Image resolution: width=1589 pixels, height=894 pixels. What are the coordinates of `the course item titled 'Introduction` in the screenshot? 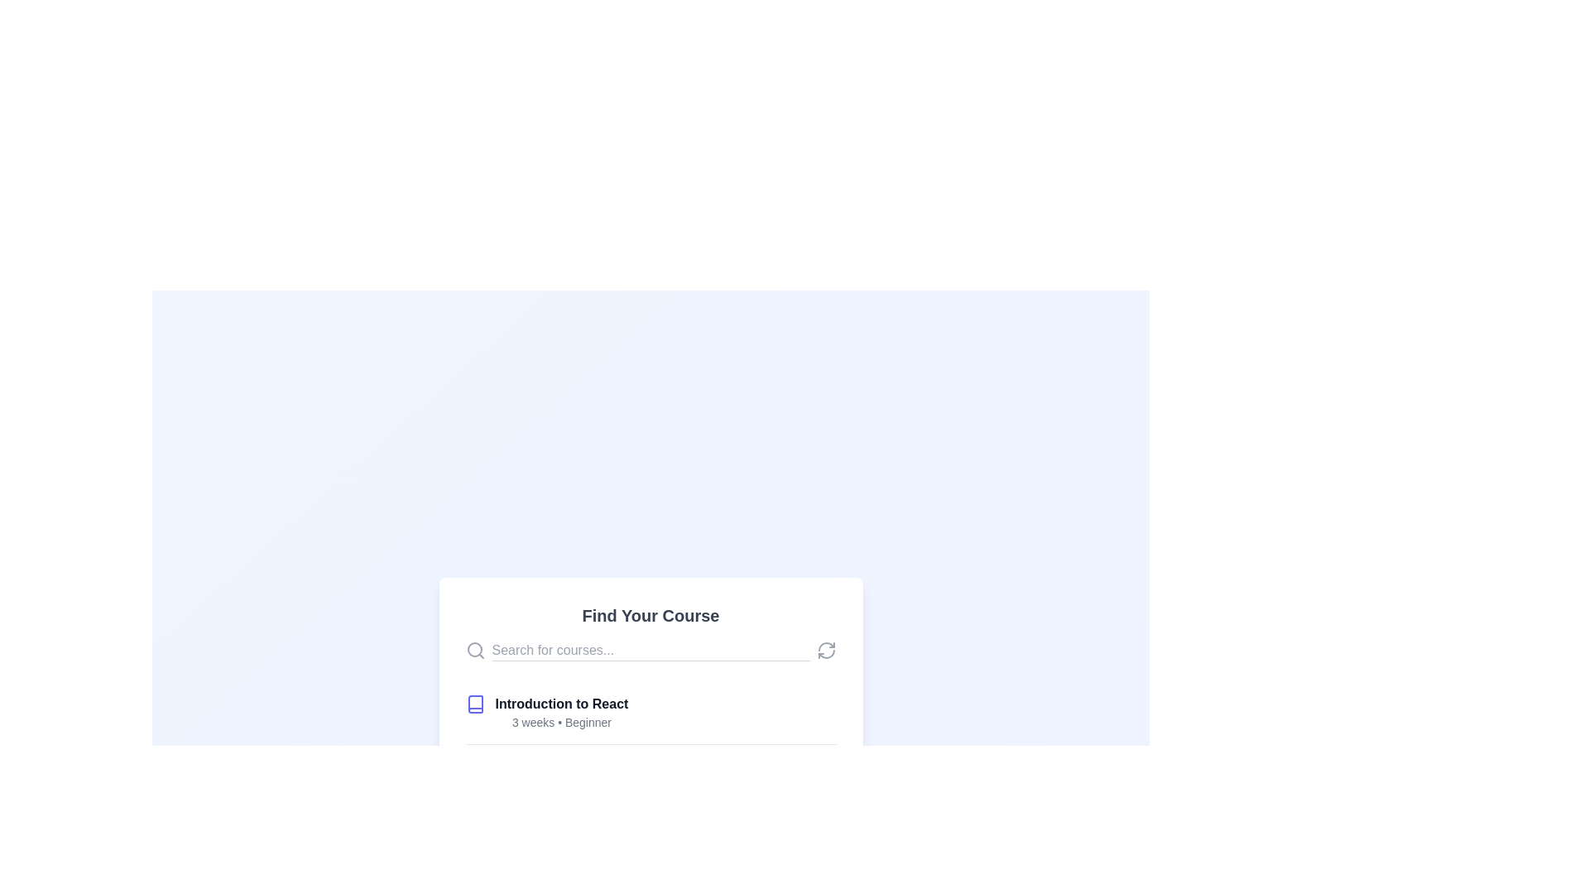 It's located at (650, 711).